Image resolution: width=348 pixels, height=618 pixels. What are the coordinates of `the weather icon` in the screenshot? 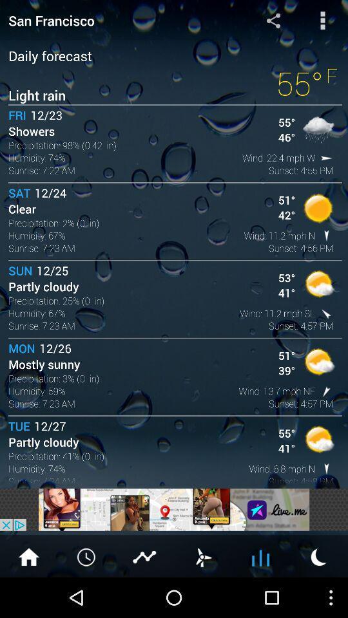 It's located at (318, 595).